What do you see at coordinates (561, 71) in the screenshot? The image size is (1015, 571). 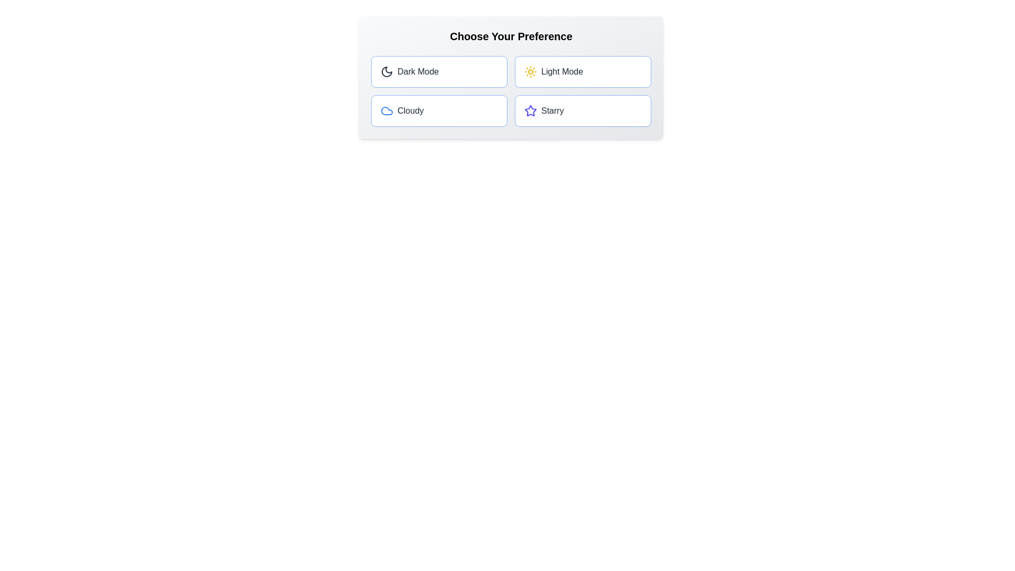 I see `'Light Mode' text label that allows users to choose their theme preference in the settings interface, located as the second option in the top row of the selection interface labeled 'Choose Your Preference'` at bounding box center [561, 71].